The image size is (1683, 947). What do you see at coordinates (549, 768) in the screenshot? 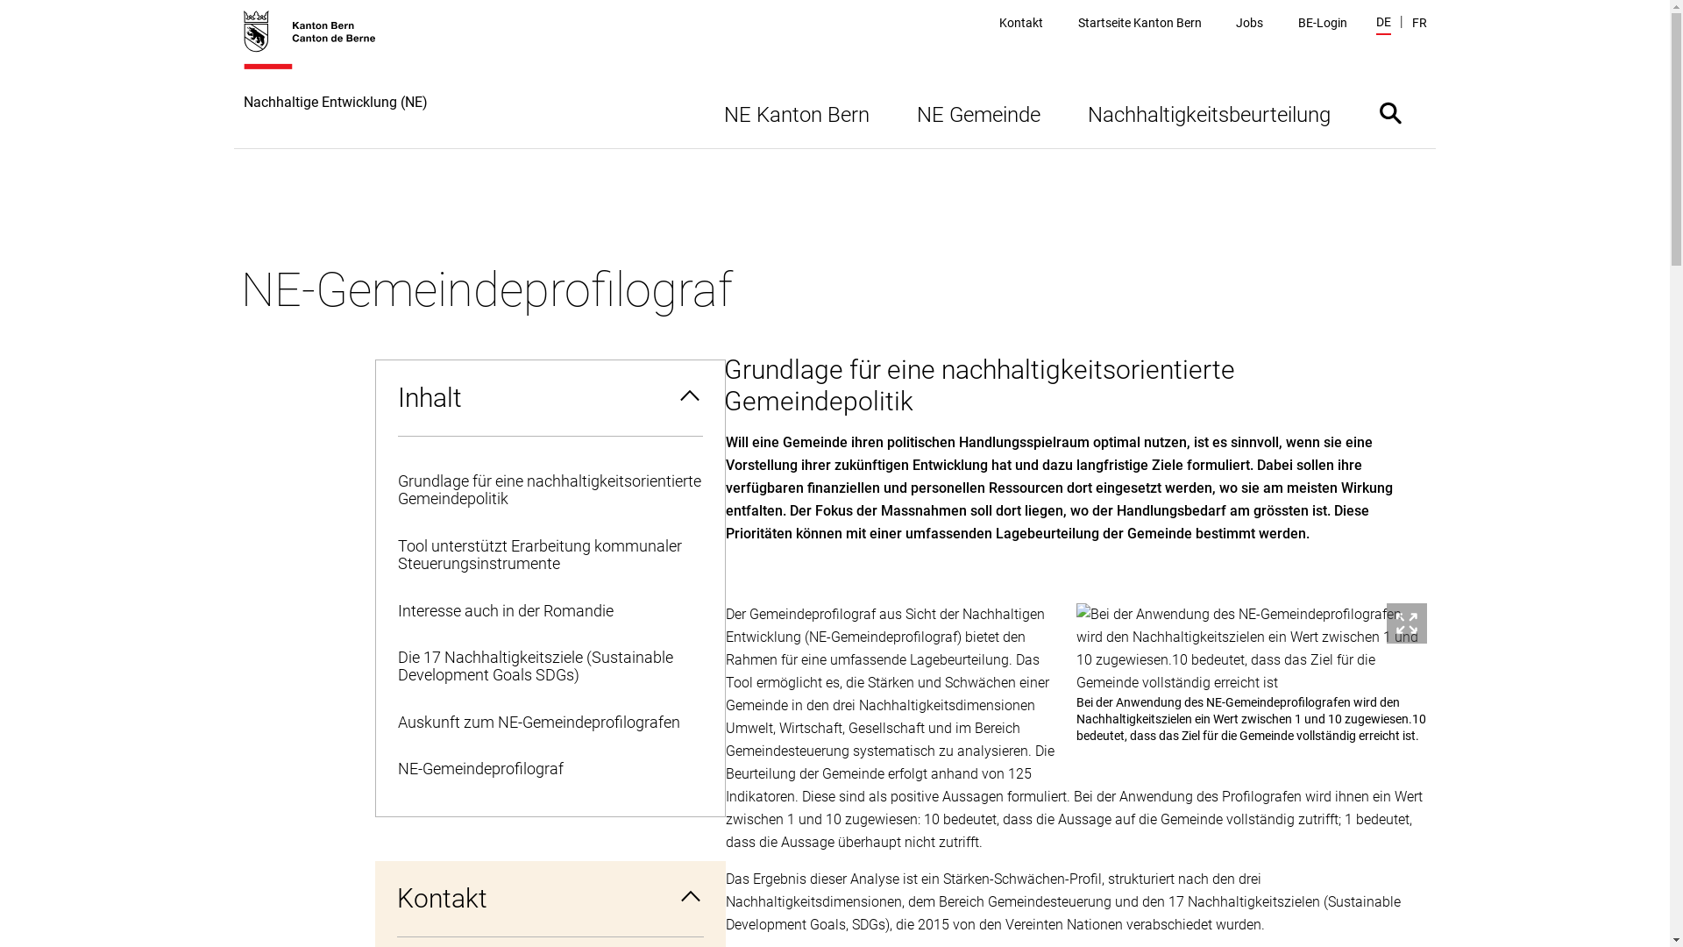
I see `'NE-Gemeindeprofilograf'` at bounding box center [549, 768].